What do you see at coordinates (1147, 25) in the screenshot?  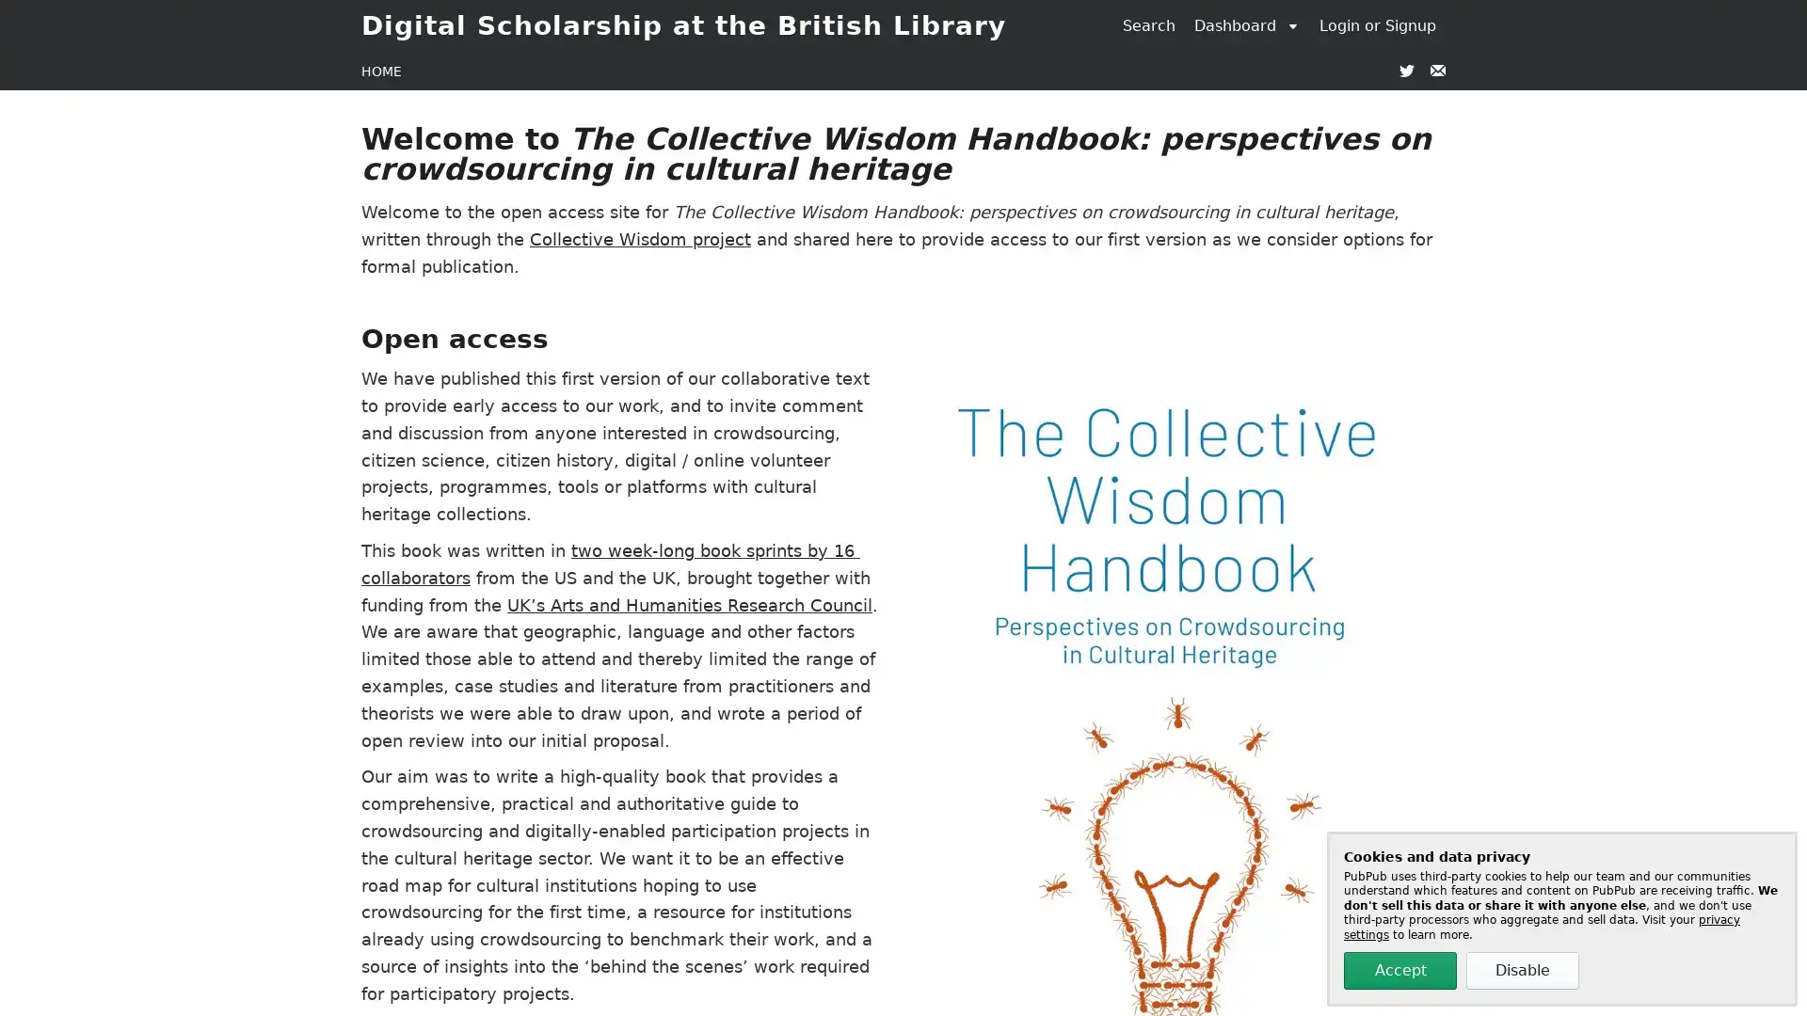 I see `Search` at bounding box center [1147, 25].